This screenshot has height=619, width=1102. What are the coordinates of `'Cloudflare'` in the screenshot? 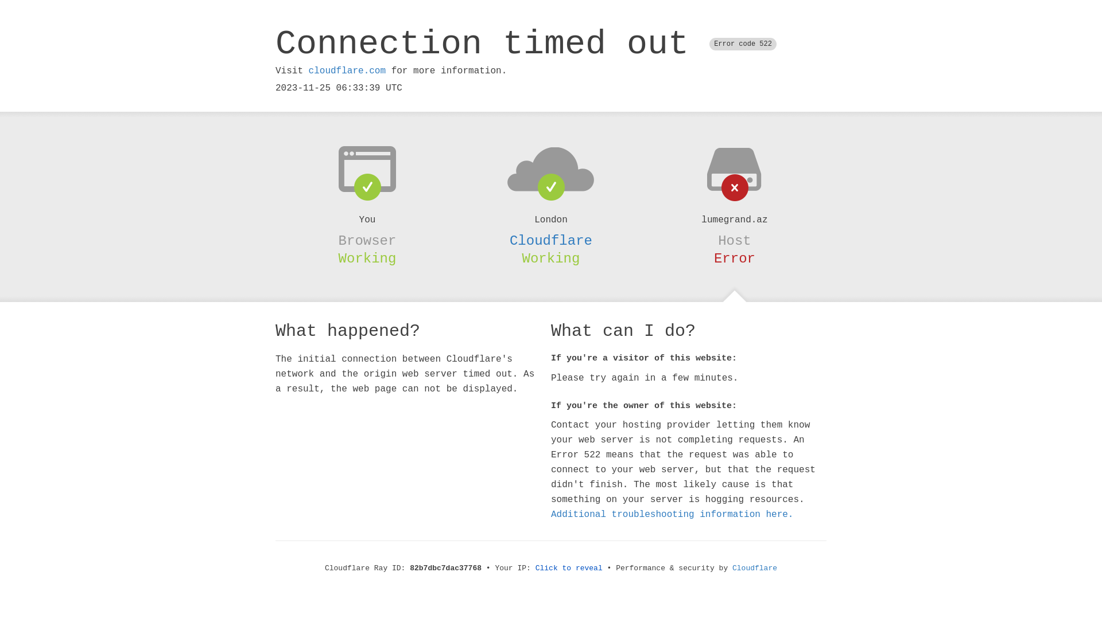 It's located at (755, 568).